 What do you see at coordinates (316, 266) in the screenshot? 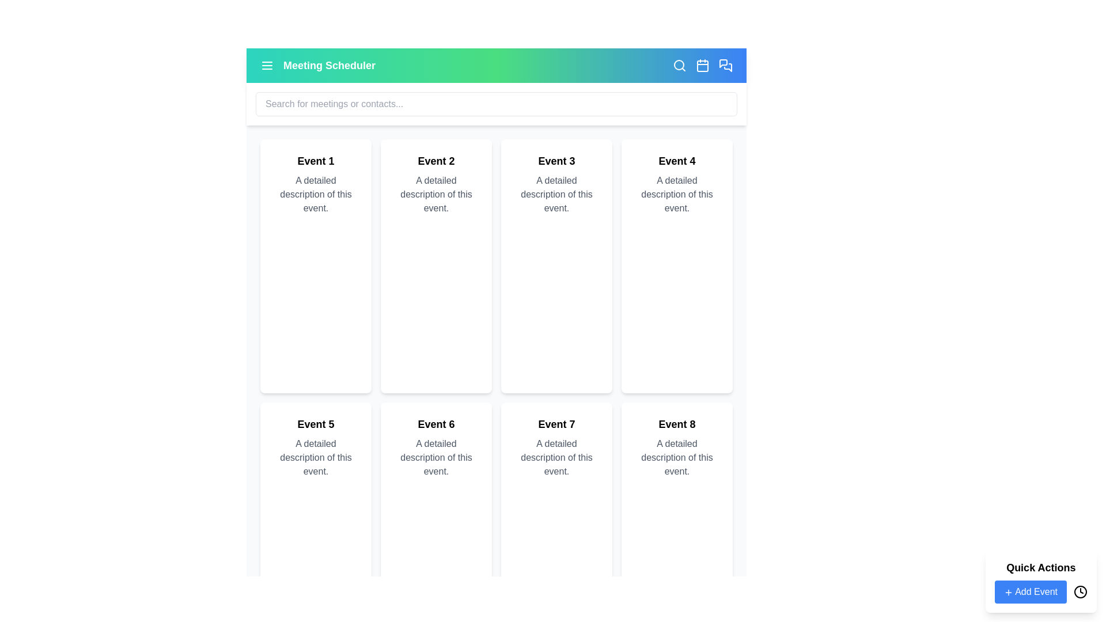
I see `the white rectangular card titled 'Event 1', located at the top-left corner of the grid layout, which contains a bold title and a lighter description` at bounding box center [316, 266].